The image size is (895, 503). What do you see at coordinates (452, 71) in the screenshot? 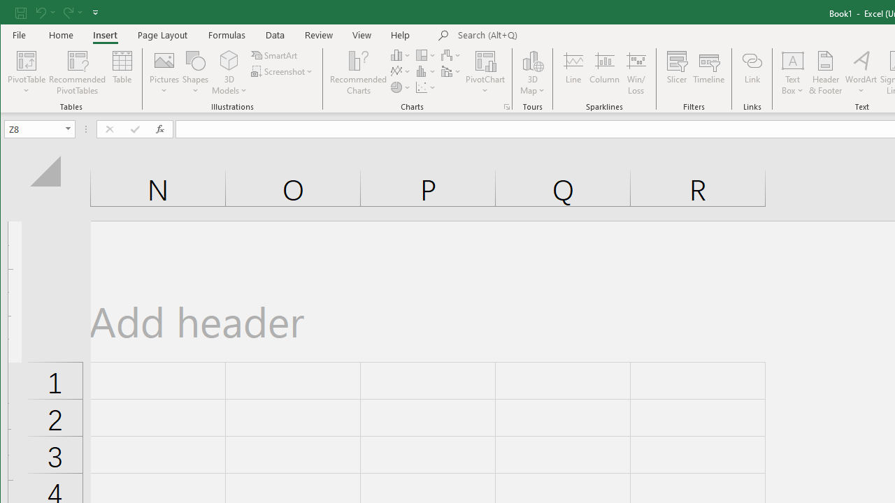
I see `'Insert Combo Chart'` at bounding box center [452, 71].